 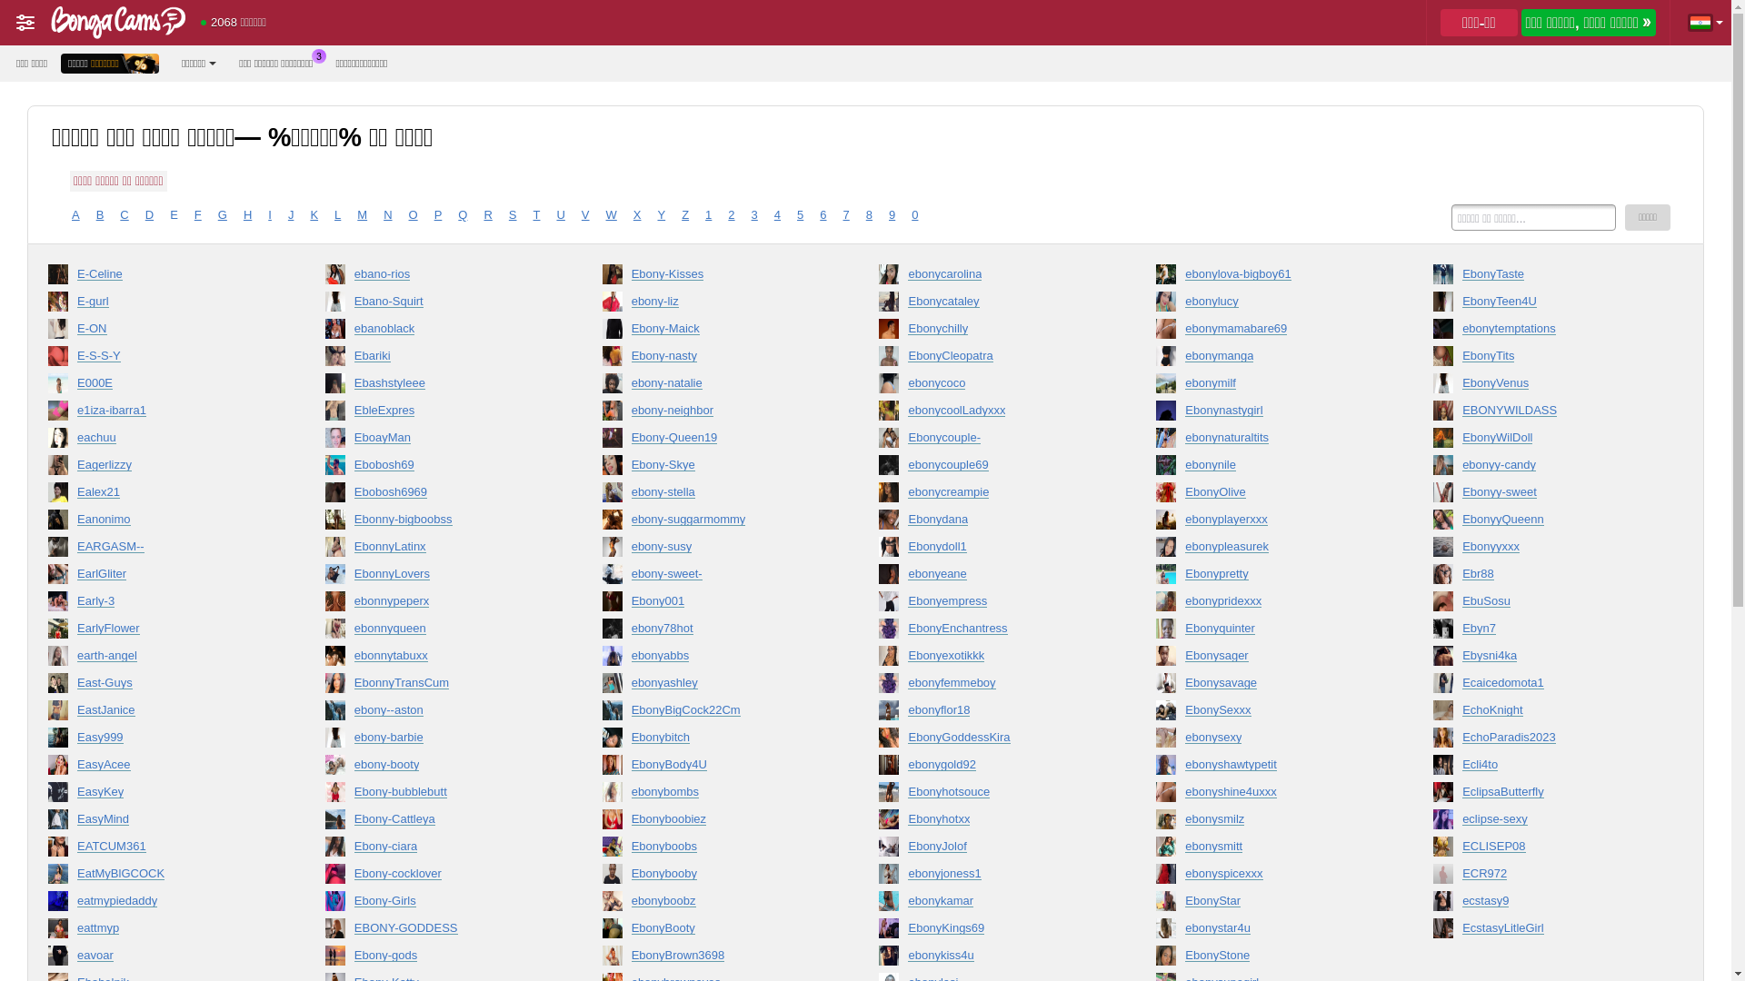 I want to click on 'EbonnyLatinx', so click(x=437, y=549).